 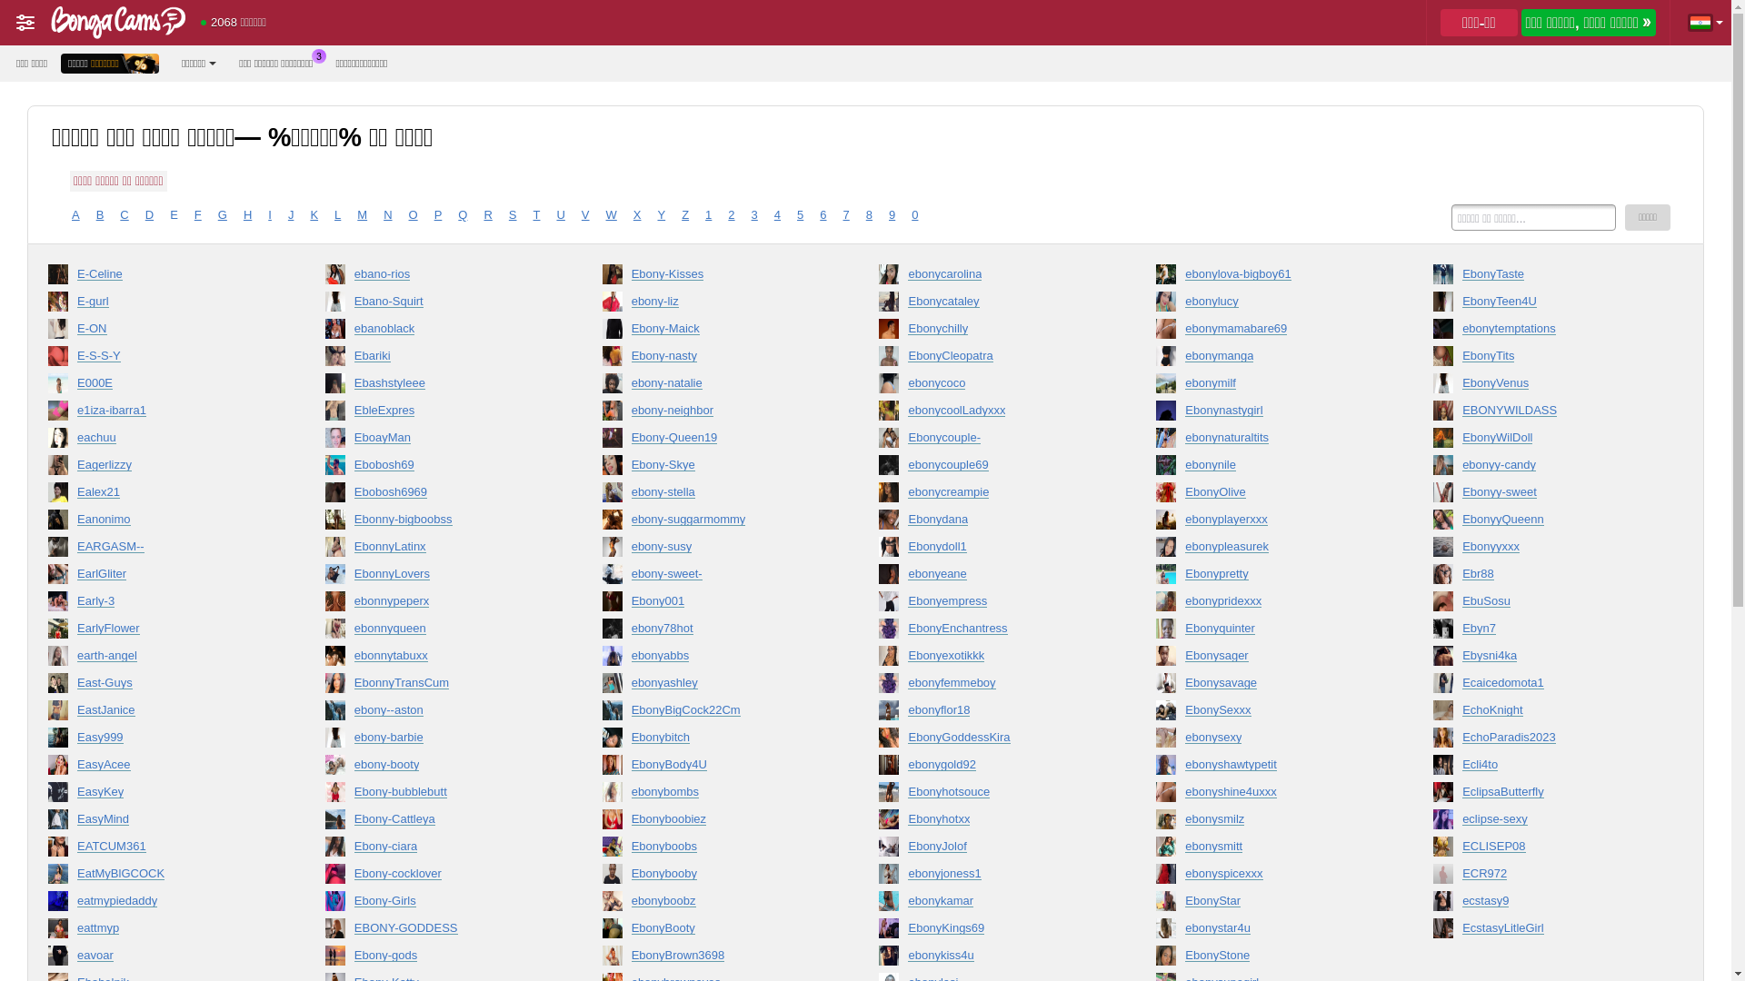 I want to click on 'EbonnyLatinx', so click(x=437, y=549).